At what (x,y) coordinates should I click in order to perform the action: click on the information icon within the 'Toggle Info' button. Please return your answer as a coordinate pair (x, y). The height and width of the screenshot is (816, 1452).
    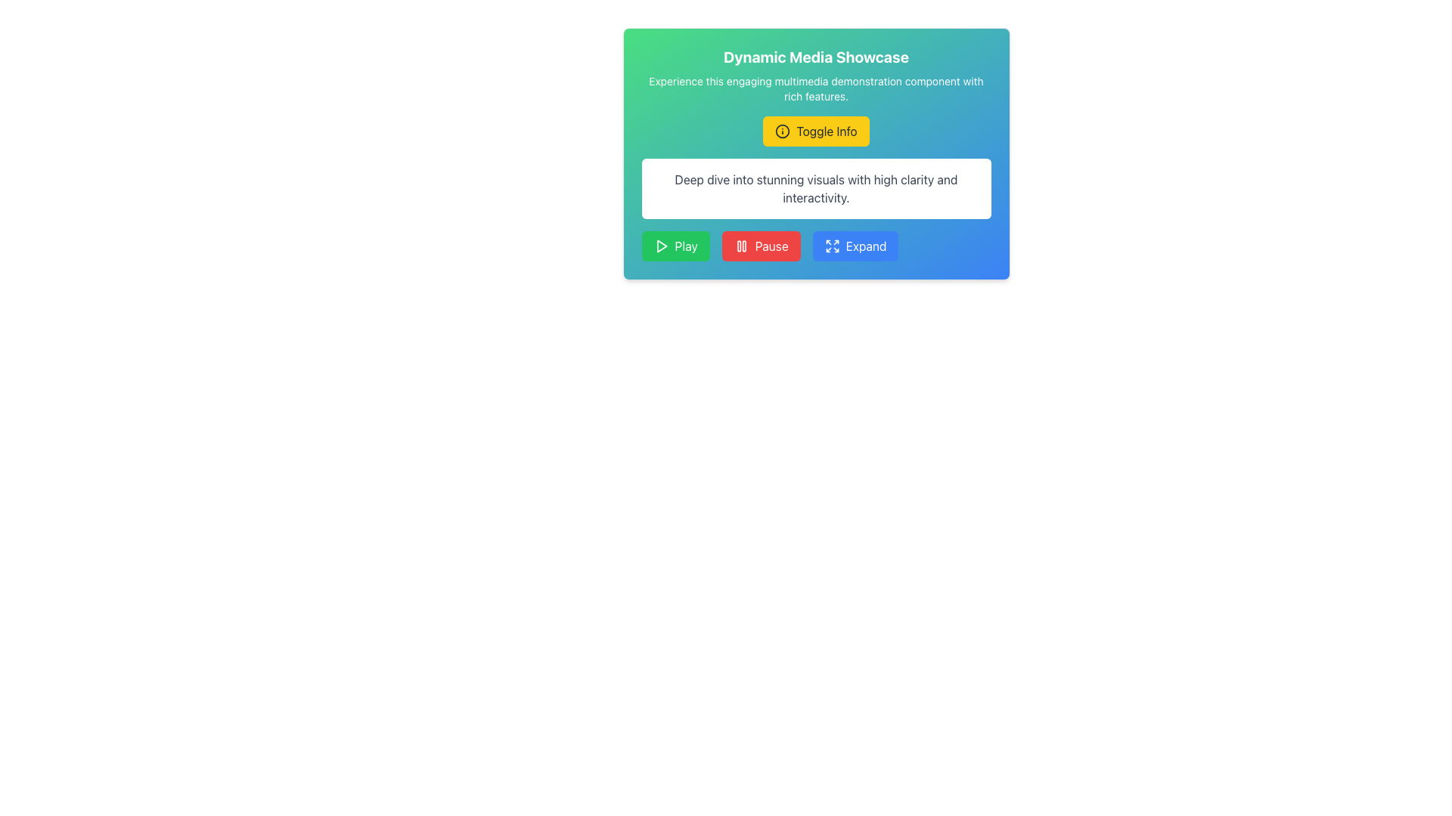
    Looking at the image, I should click on (783, 130).